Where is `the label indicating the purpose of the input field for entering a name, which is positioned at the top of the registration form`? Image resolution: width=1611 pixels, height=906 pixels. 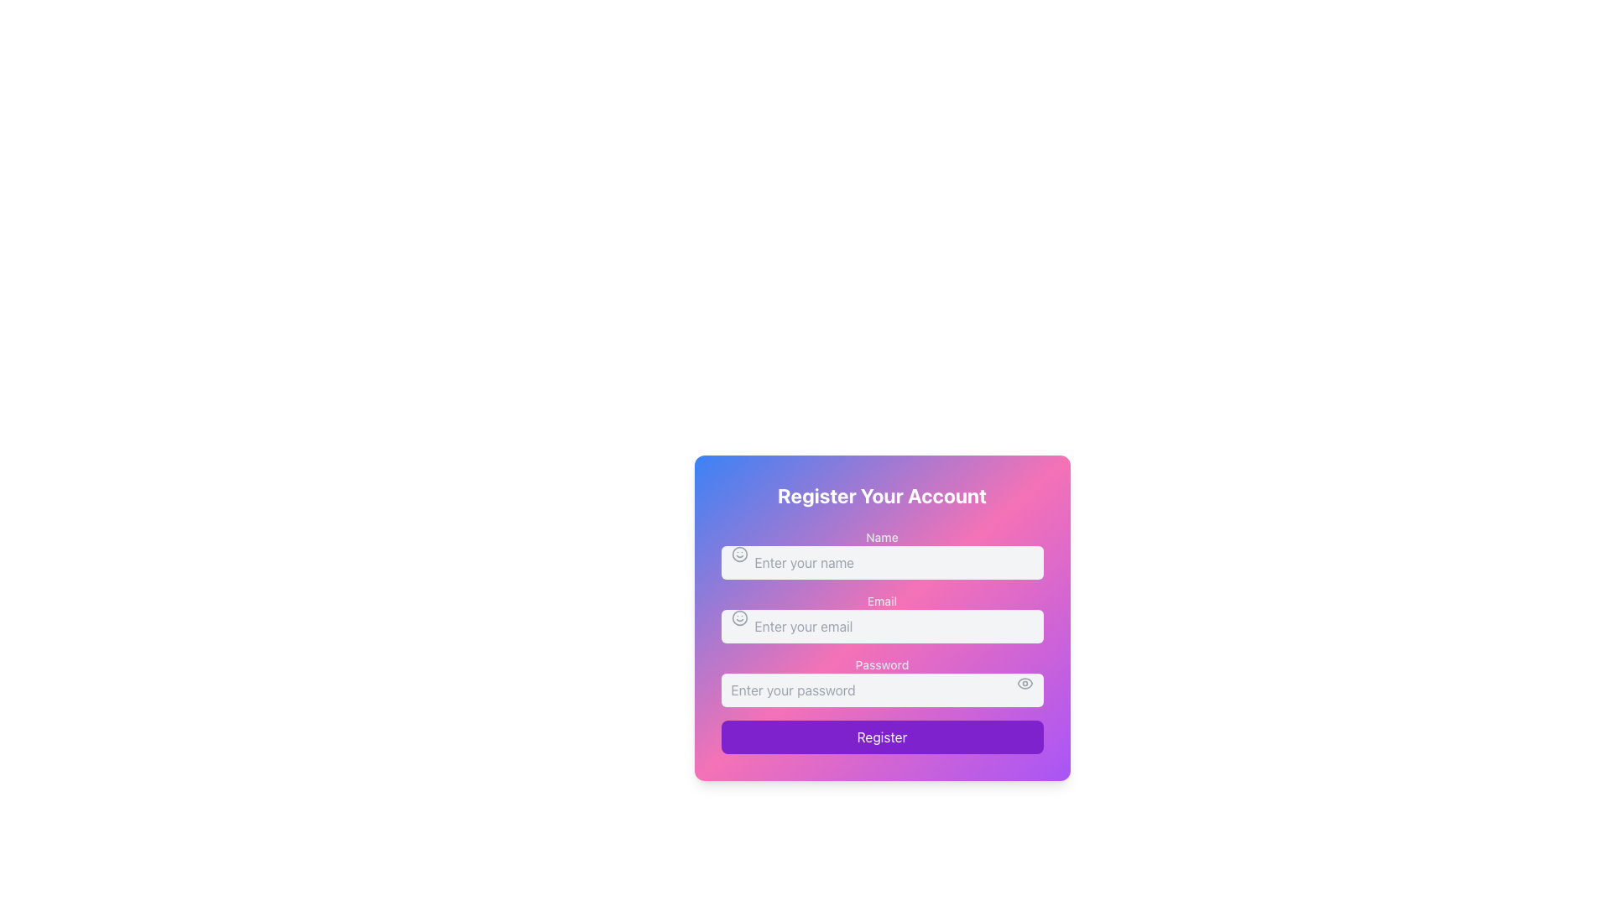
the label indicating the purpose of the input field for entering a name, which is positioned at the top of the registration form is located at coordinates (881, 537).